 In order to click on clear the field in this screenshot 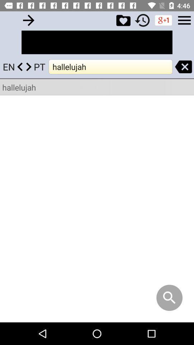, I will do `click(183, 66)`.